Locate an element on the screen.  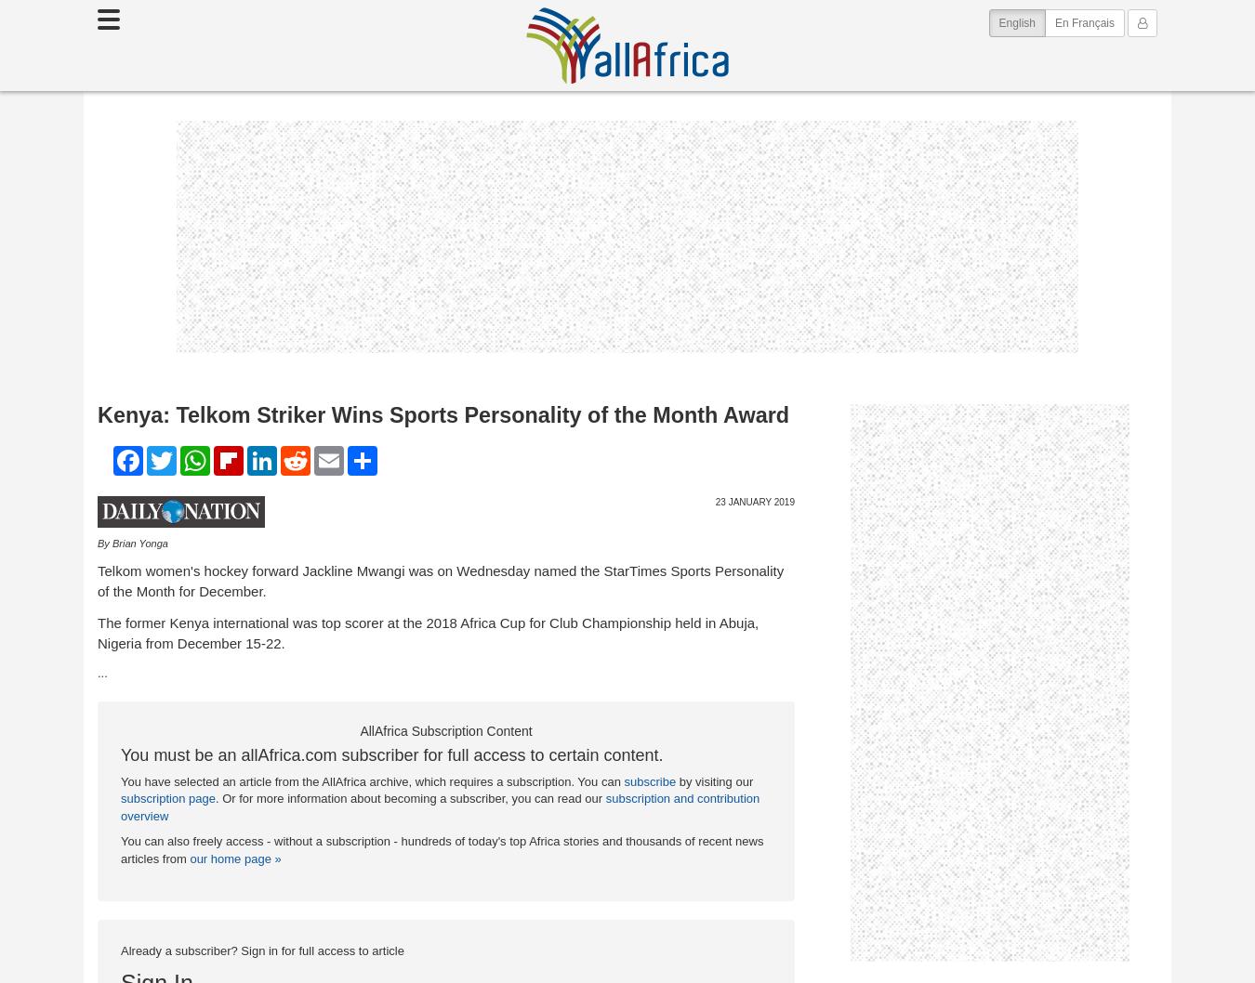
'...' is located at coordinates (101, 673).